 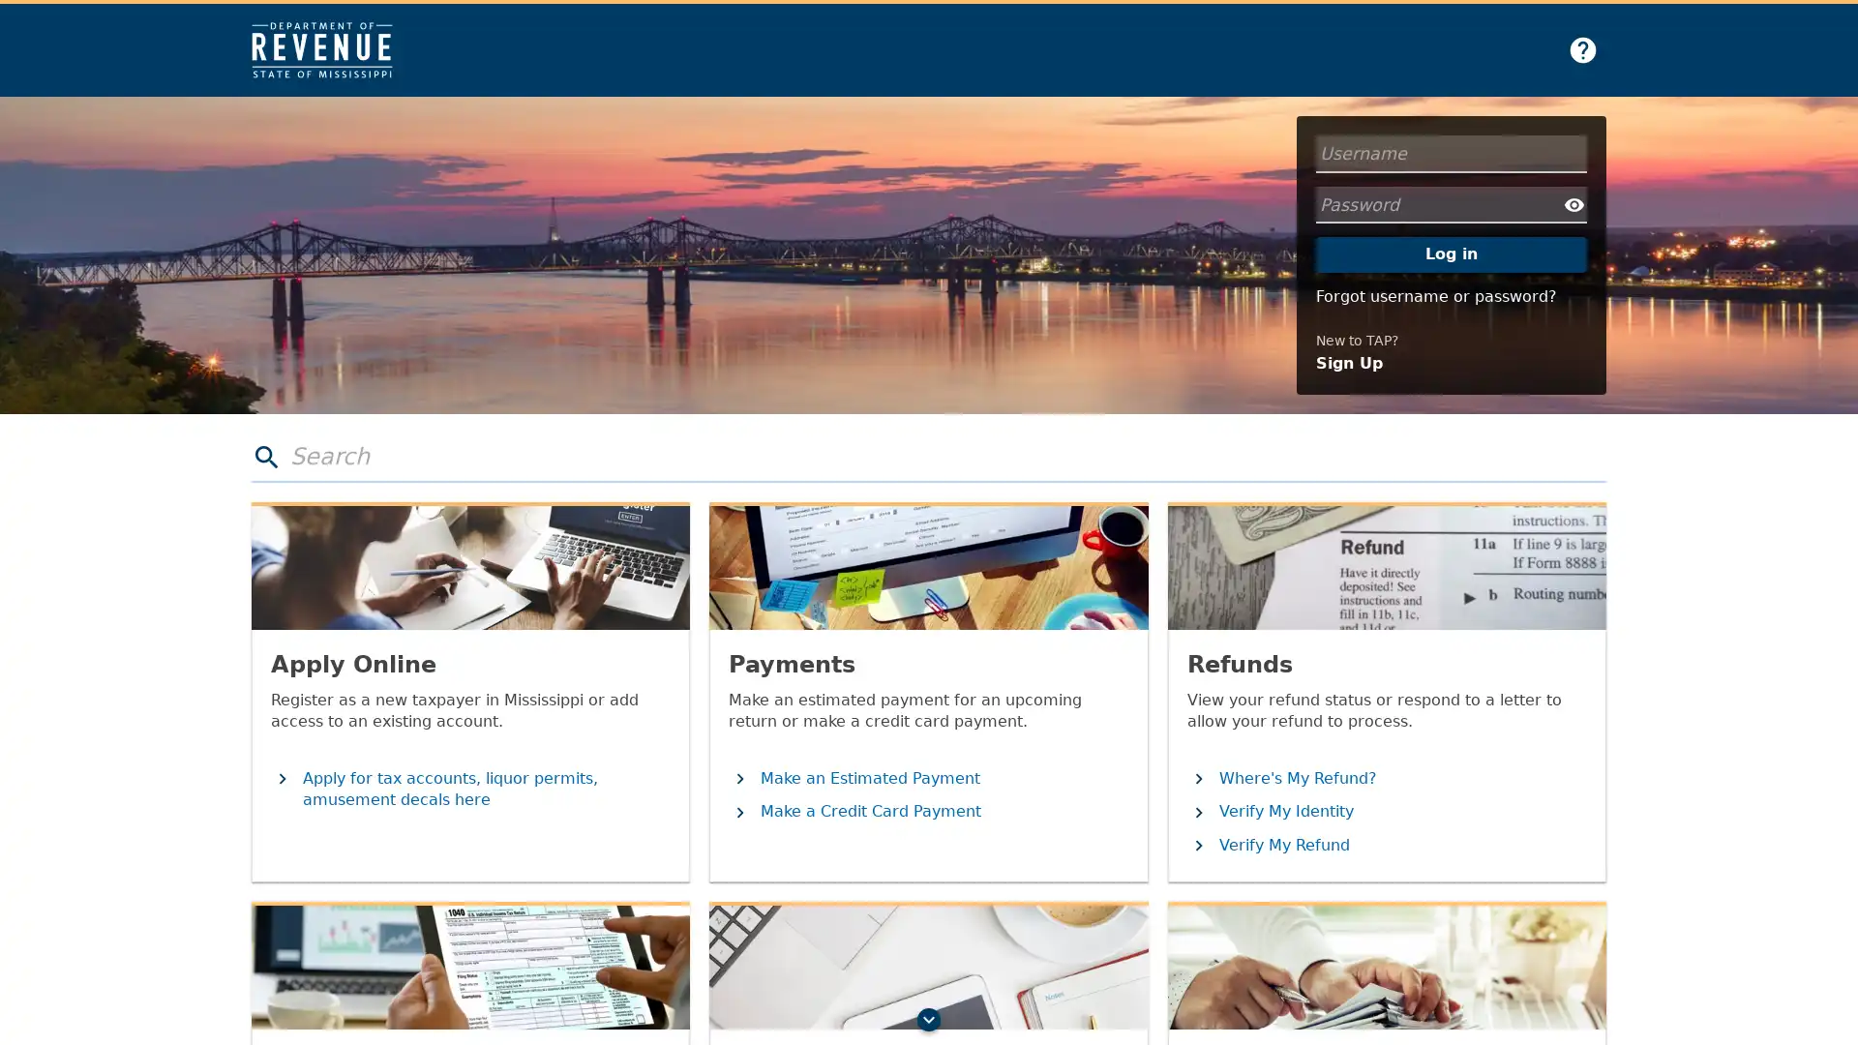 I want to click on Show/Hide Password, so click(x=1574, y=204).